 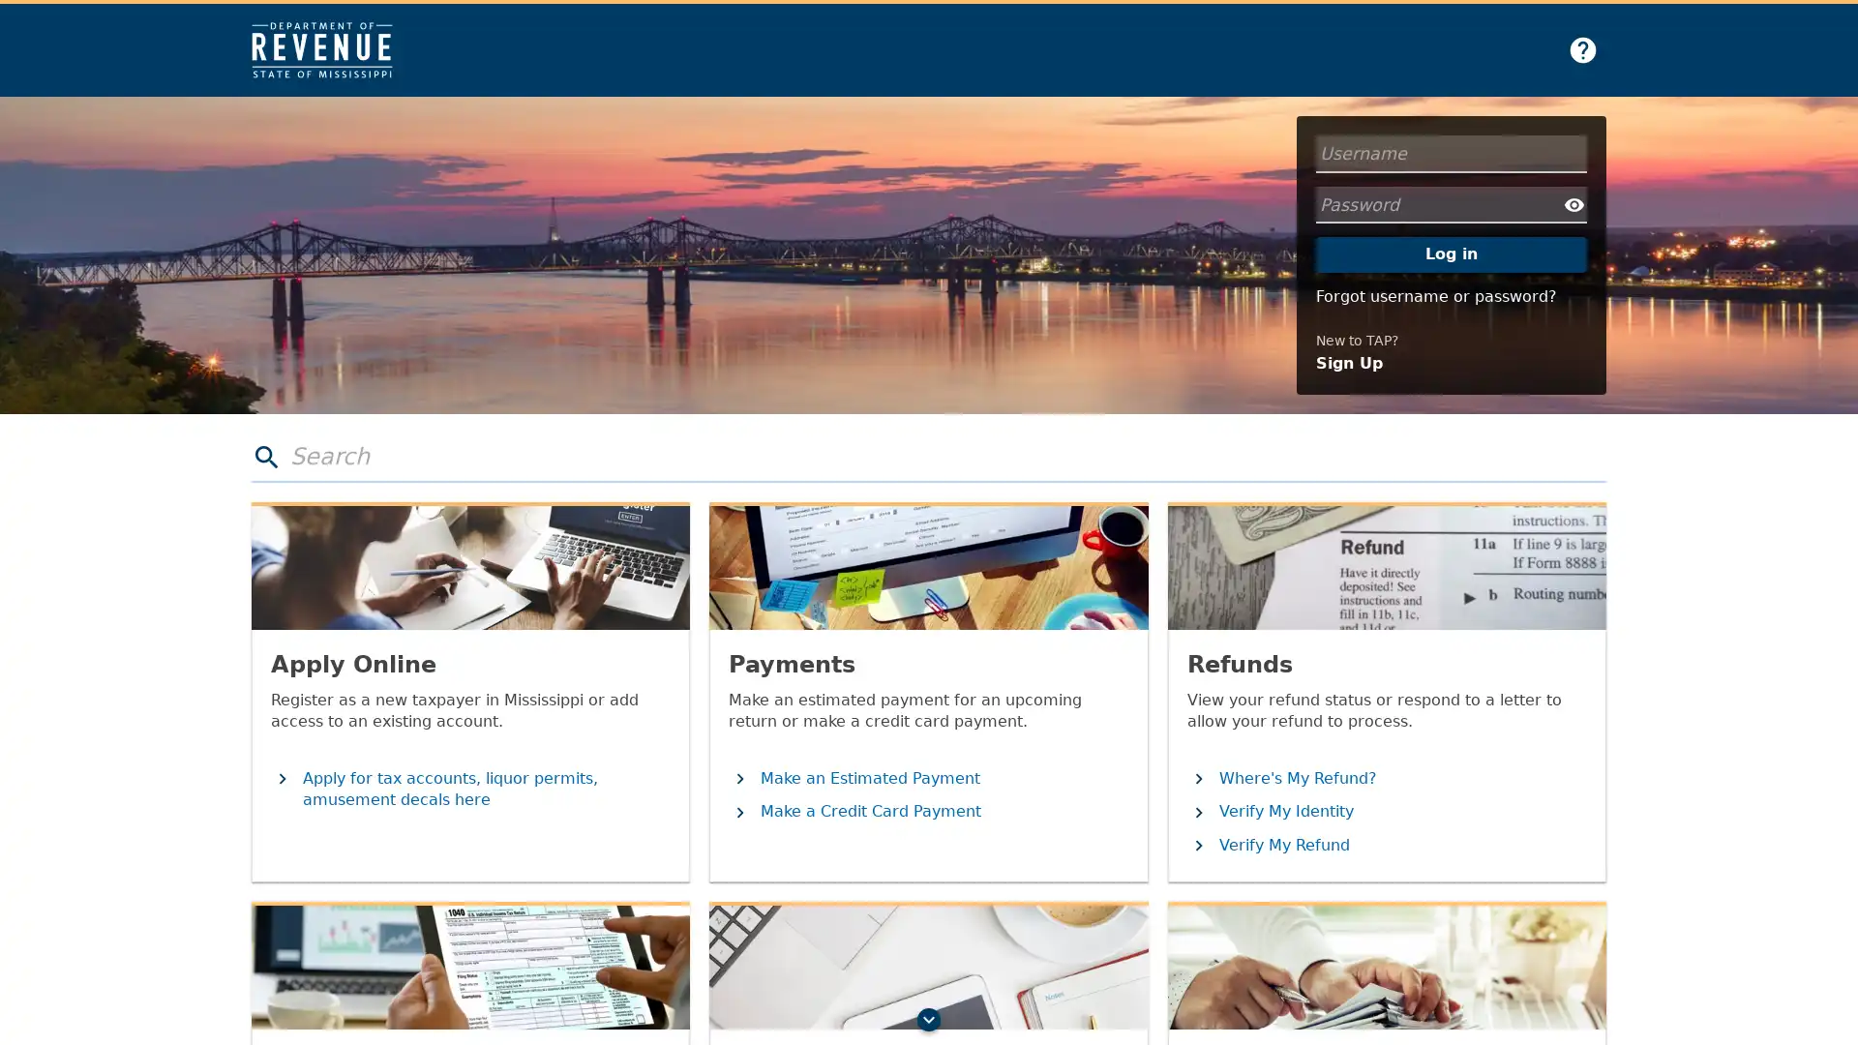 I want to click on Show/Hide Password, so click(x=1574, y=204).